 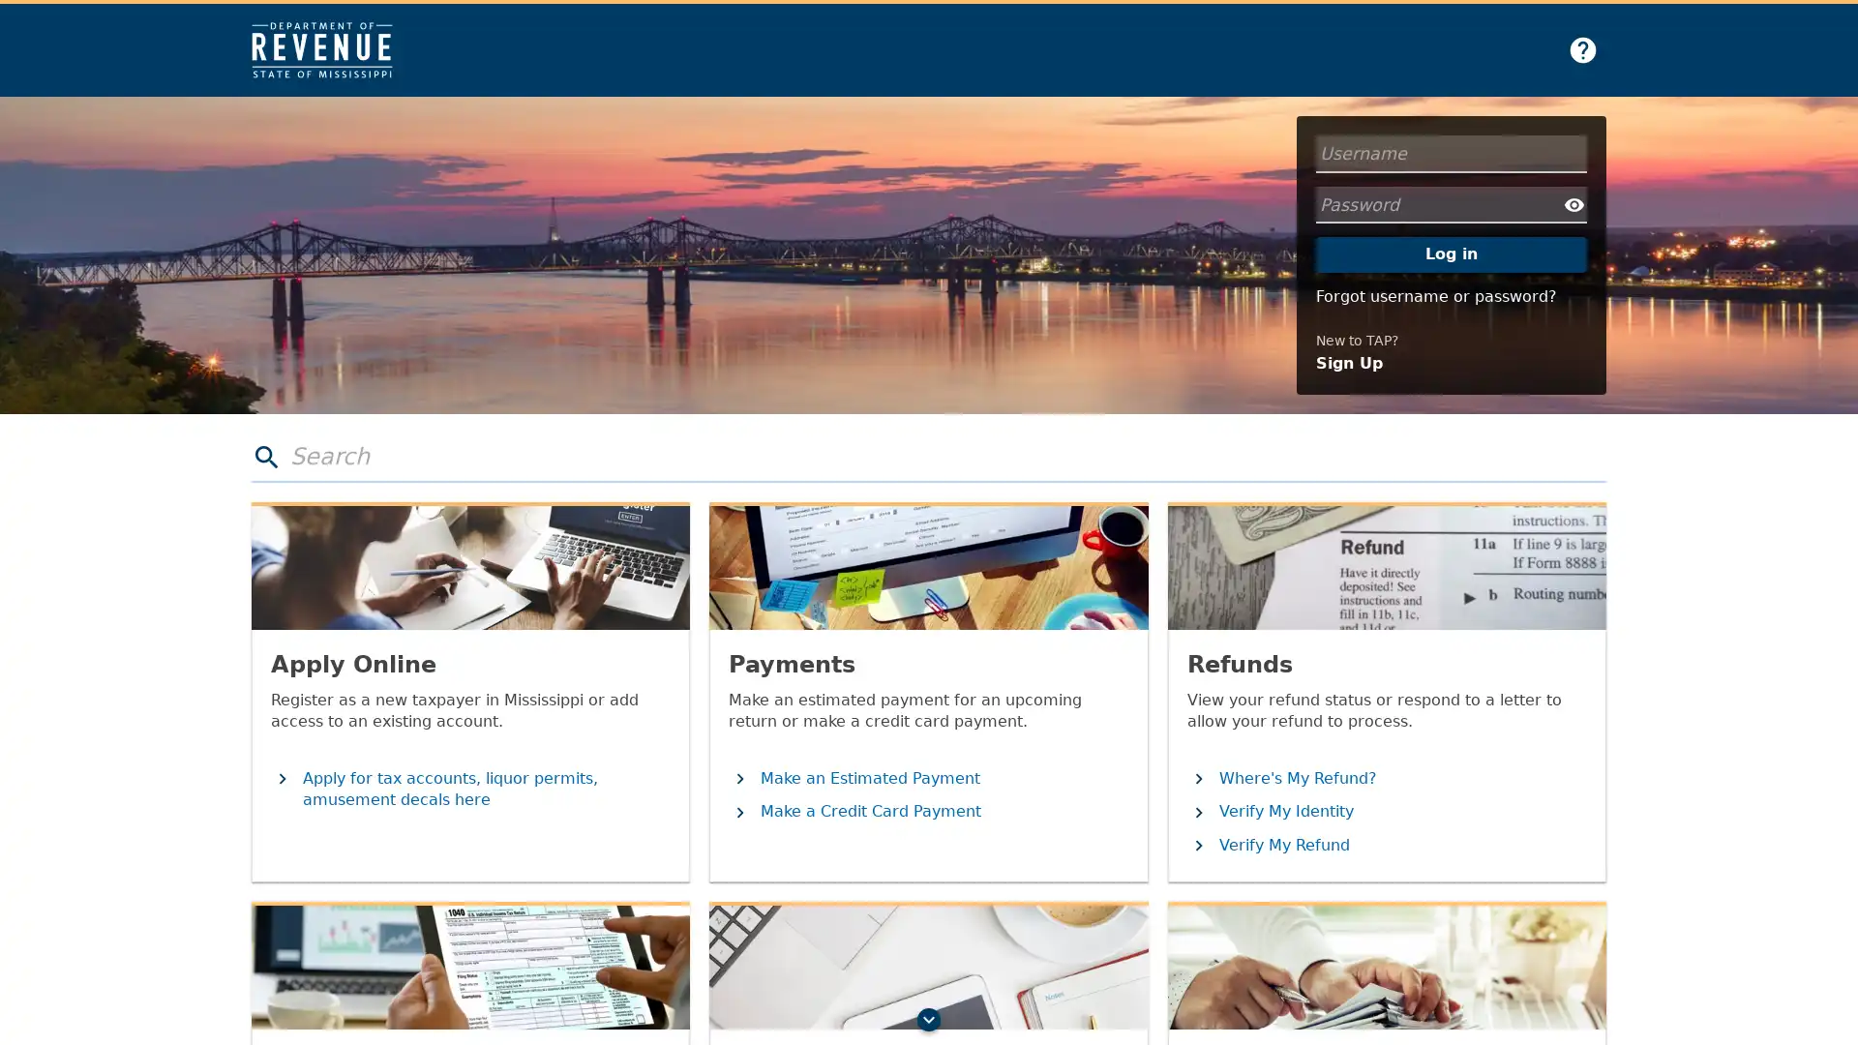 I want to click on Show/Hide Password, so click(x=1574, y=204).